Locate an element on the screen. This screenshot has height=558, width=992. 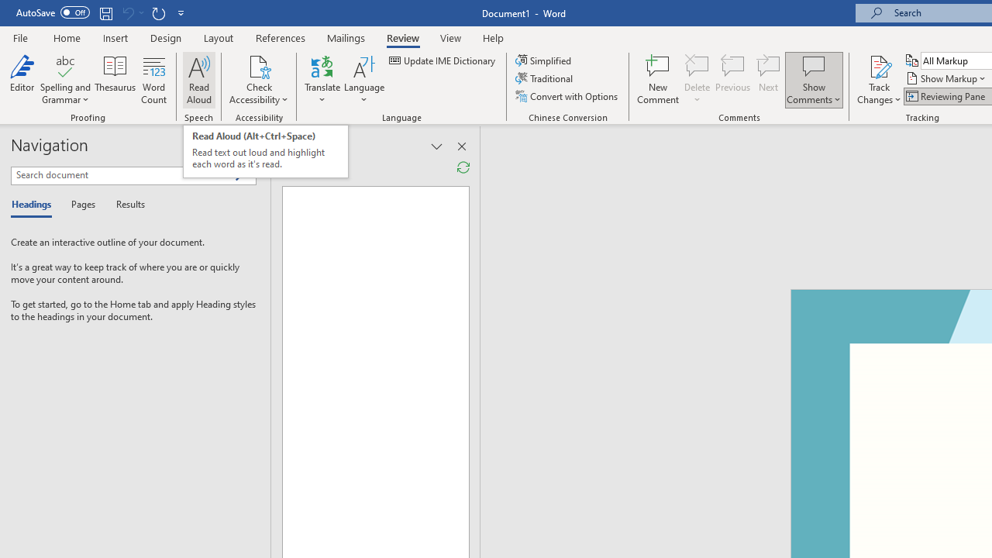
'Check Accessibility' is located at coordinates (259, 65).